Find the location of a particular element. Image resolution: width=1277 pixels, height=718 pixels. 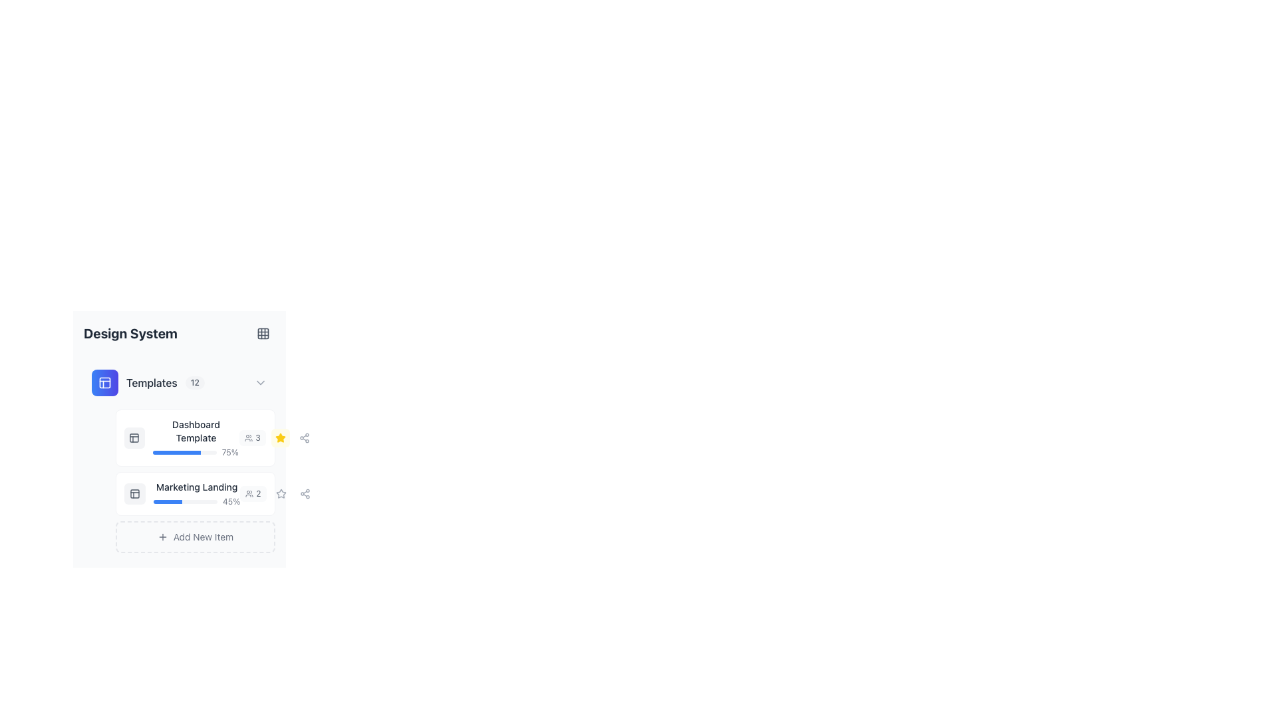

the text label displaying '75%' which is positioned to the right of the progress bar, indicating a percentage is located at coordinates (230, 452).